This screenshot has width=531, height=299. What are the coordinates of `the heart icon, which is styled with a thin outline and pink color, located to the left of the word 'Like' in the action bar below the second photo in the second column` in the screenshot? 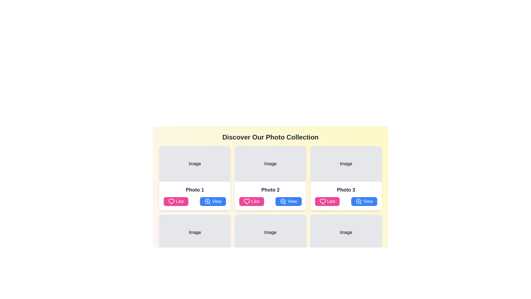 It's located at (247, 202).